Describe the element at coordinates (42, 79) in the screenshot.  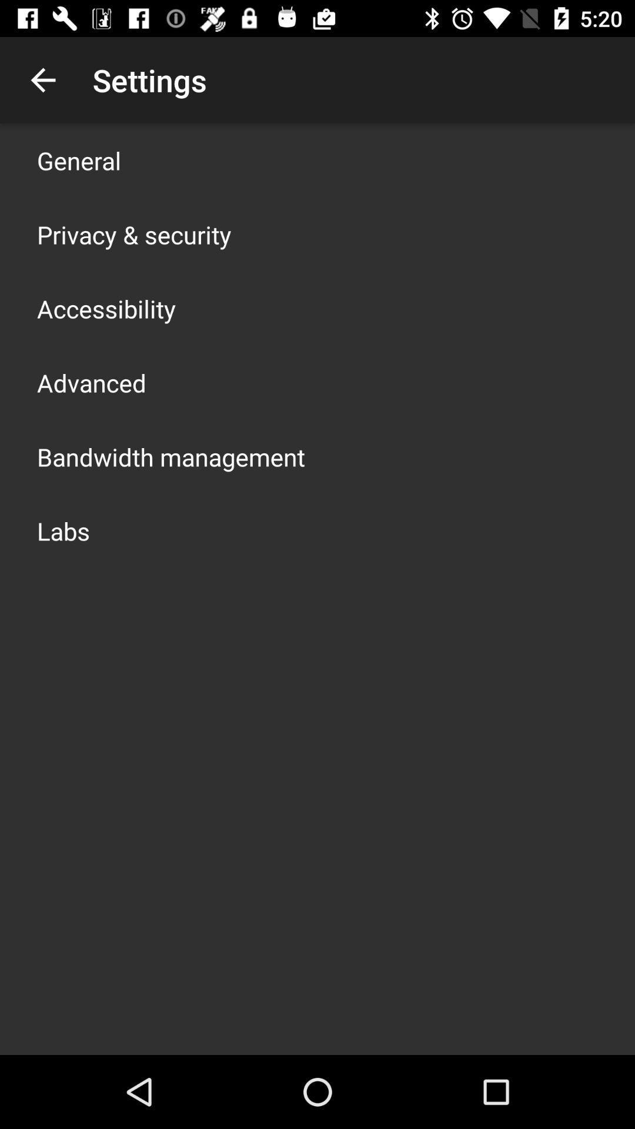
I see `the app above general app` at that location.